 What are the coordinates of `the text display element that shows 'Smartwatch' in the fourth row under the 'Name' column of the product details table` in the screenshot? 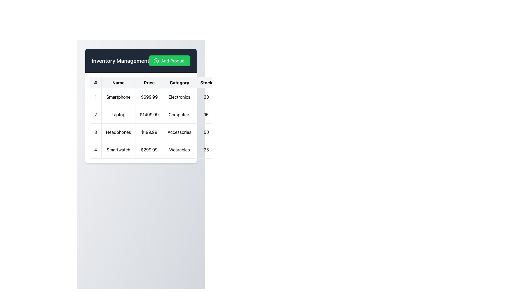 It's located at (118, 150).